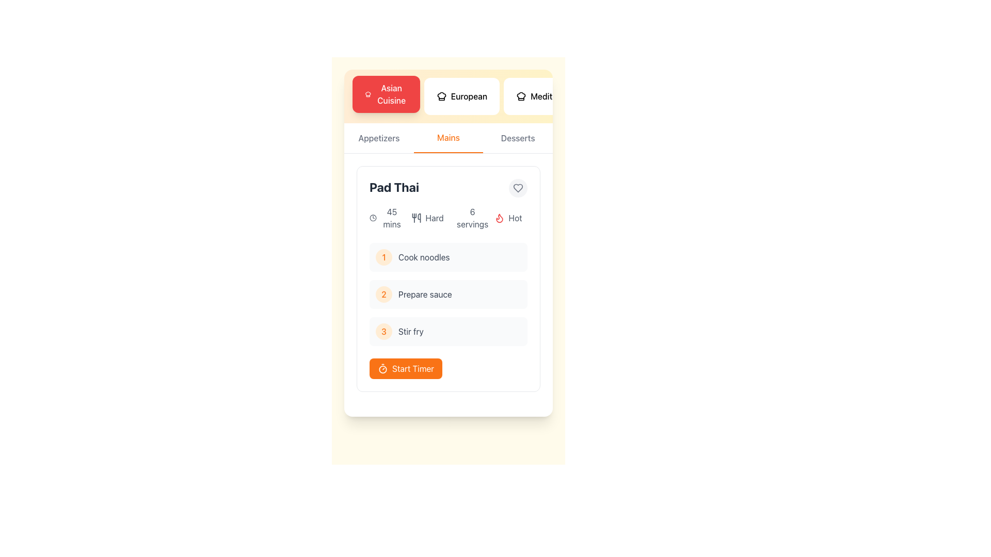 This screenshot has height=557, width=991. I want to click on the favorite icon located to the right of the 'Pad Thai' title in the main recipe card, so click(518, 188).